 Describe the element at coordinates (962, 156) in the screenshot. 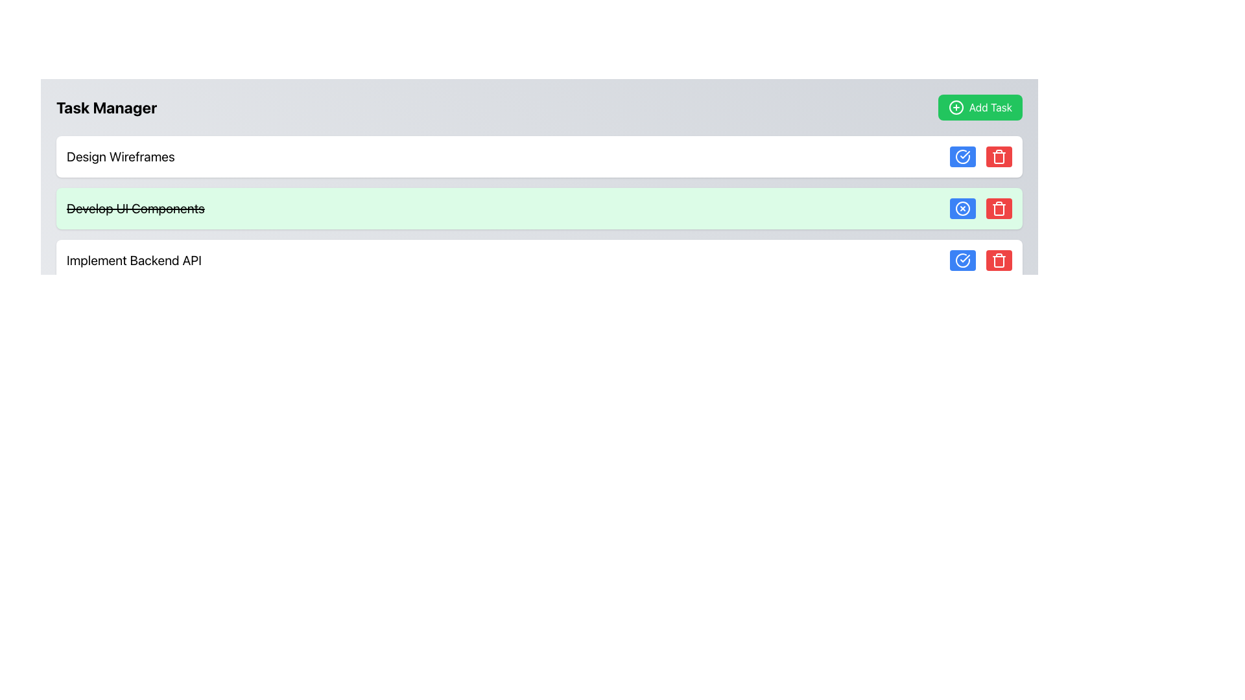

I see `the blue button with a white circular checkmark icon, located to the right of the 'Develop UI Components' task and left of the red trash bin button` at that location.